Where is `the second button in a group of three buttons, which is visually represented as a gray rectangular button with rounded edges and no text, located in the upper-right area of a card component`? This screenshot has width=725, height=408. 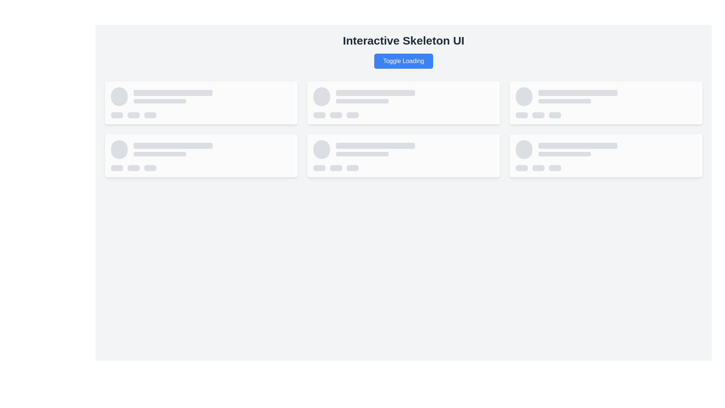 the second button in a group of three buttons, which is visually represented as a gray rectangular button with rounded edges and no text, located in the upper-right area of a card component is located at coordinates (538, 115).